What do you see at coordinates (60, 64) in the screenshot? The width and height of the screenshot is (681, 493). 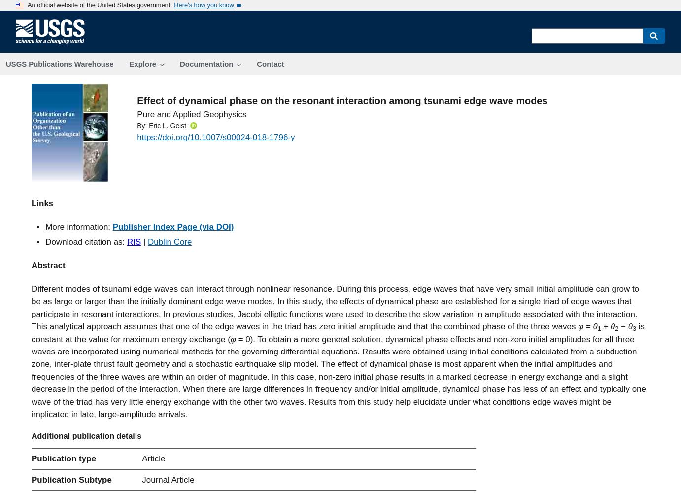 I see `'USGS Publications Warehouse'` at bounding box center [60, 64].